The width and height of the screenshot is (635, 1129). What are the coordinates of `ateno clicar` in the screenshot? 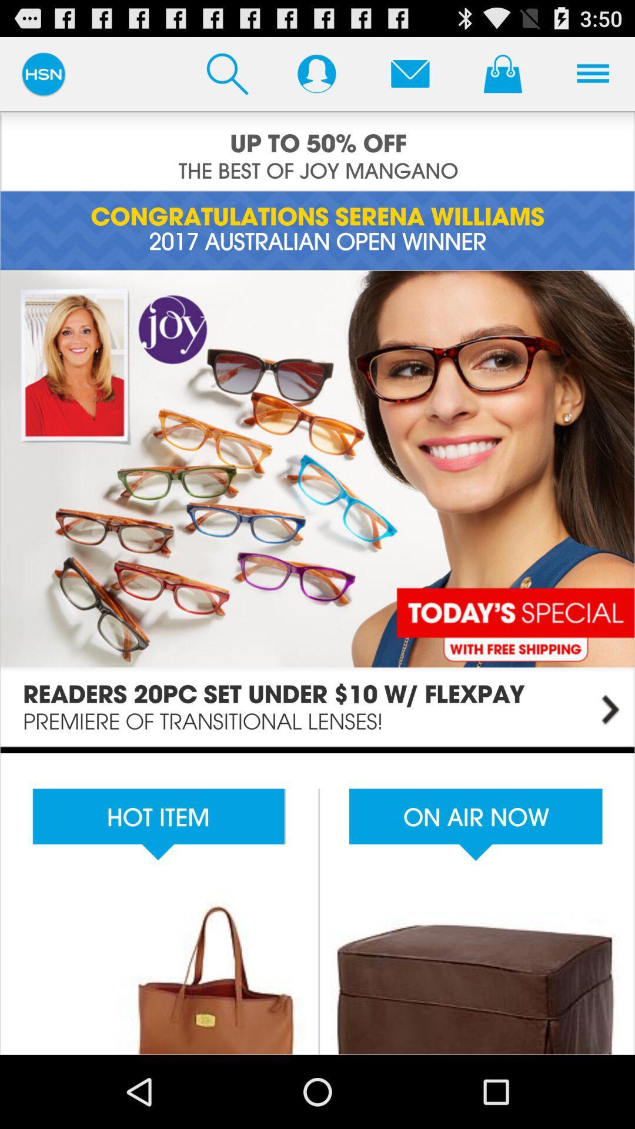 It's located at (409, 73).